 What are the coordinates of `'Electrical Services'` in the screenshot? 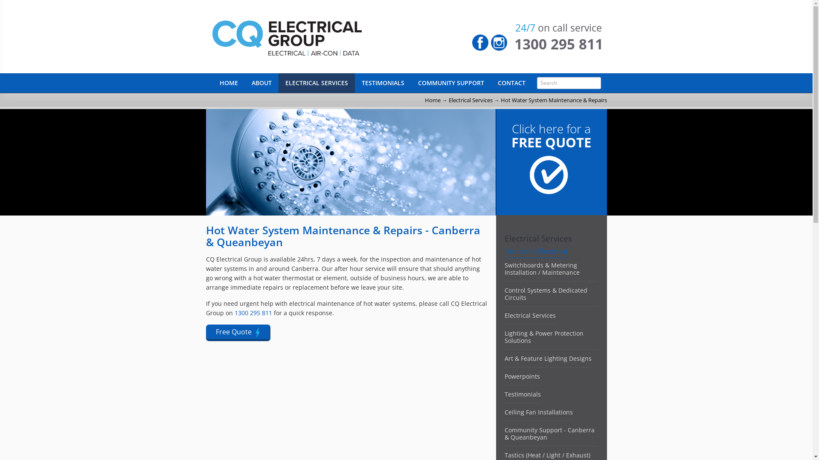 It's located at (470, 100).